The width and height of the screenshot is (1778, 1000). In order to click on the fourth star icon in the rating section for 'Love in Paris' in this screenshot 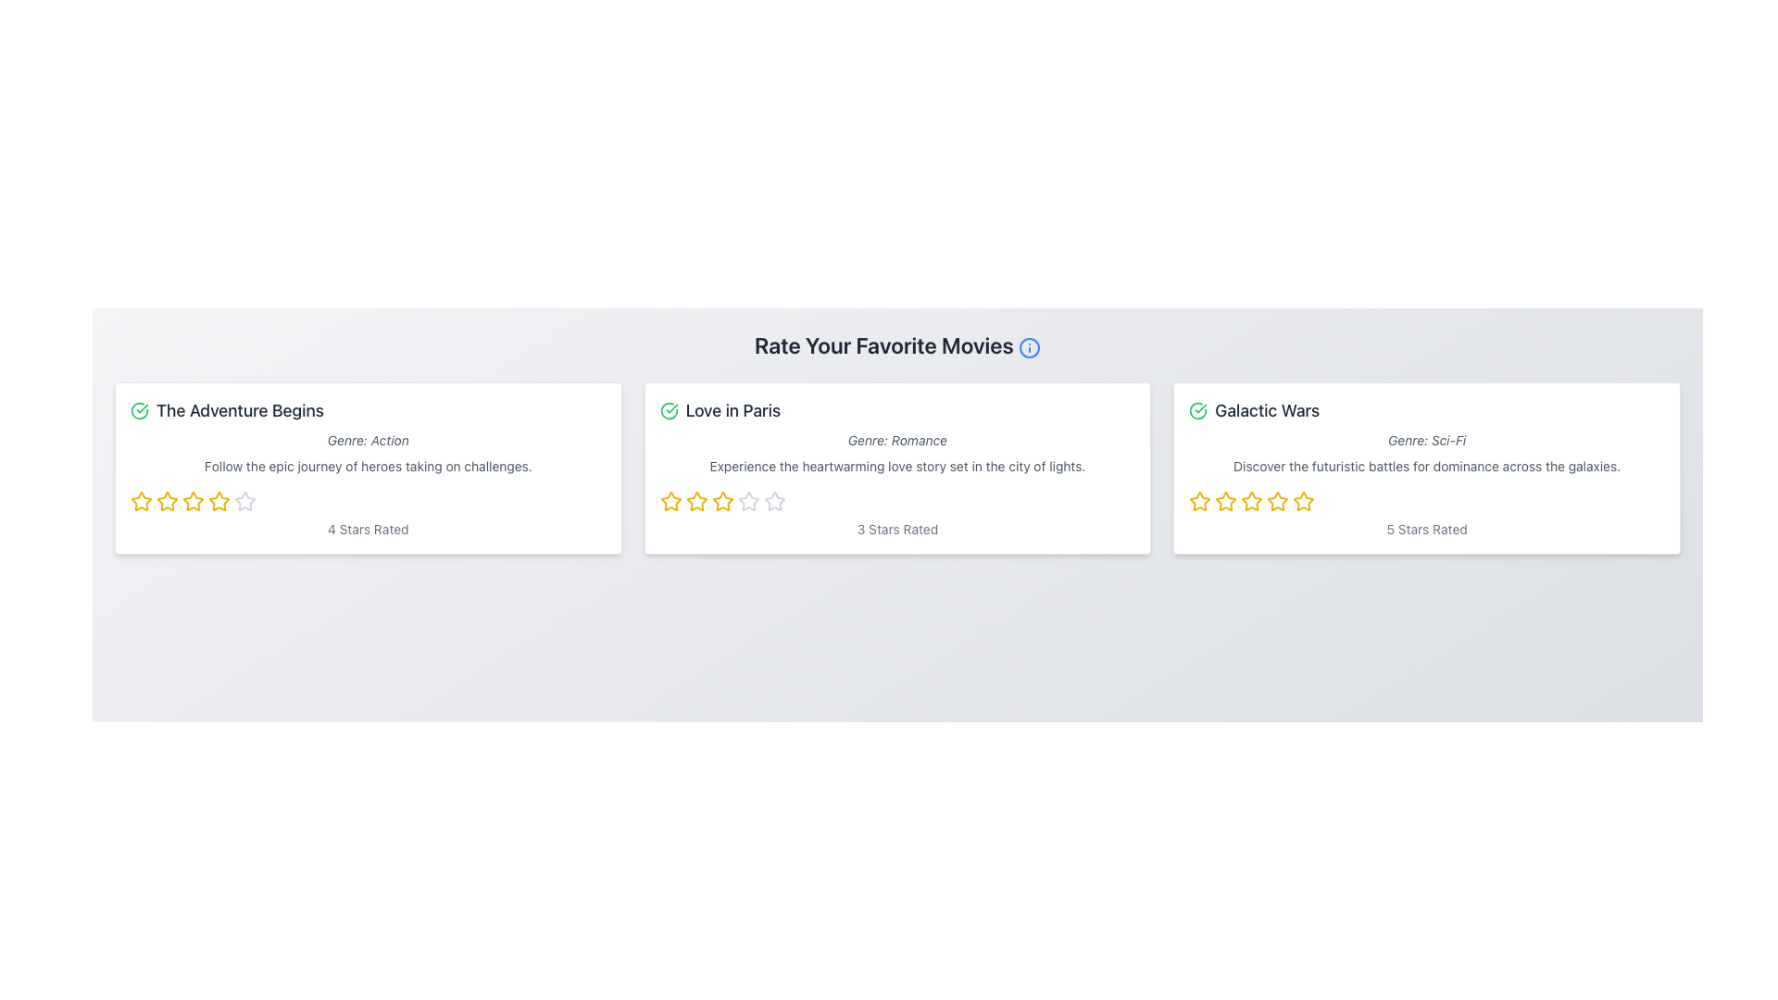, I will do `click(774, 501)`.